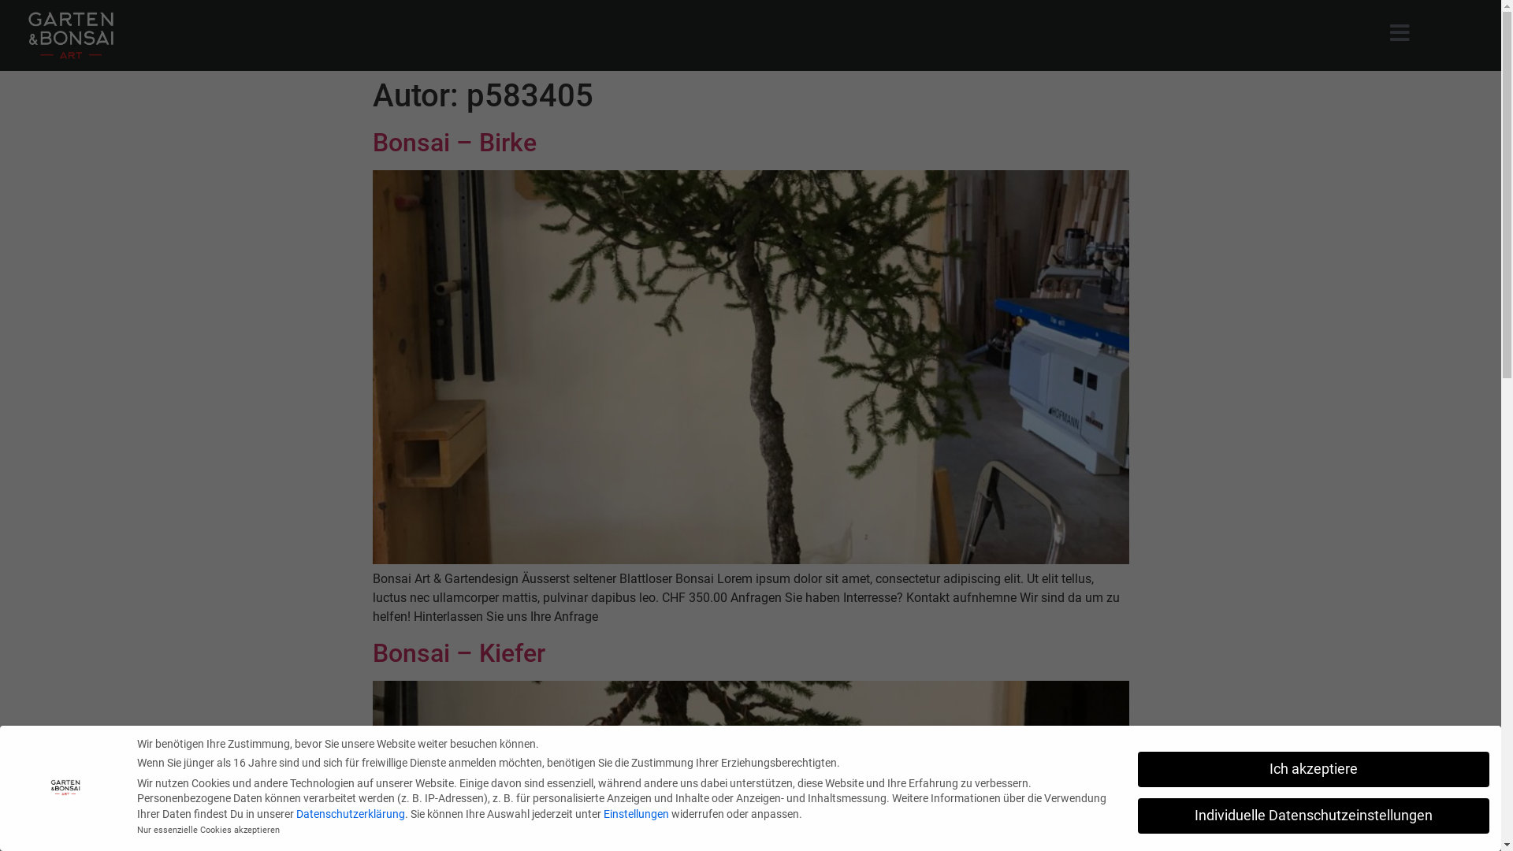 Image resolution: width=1513 pixels, height=851 pixels. Describe the element at coordinates (136, 829) in the screenshot. I see `'Nur essenzielle Cookies akzeptieren'` at that location.